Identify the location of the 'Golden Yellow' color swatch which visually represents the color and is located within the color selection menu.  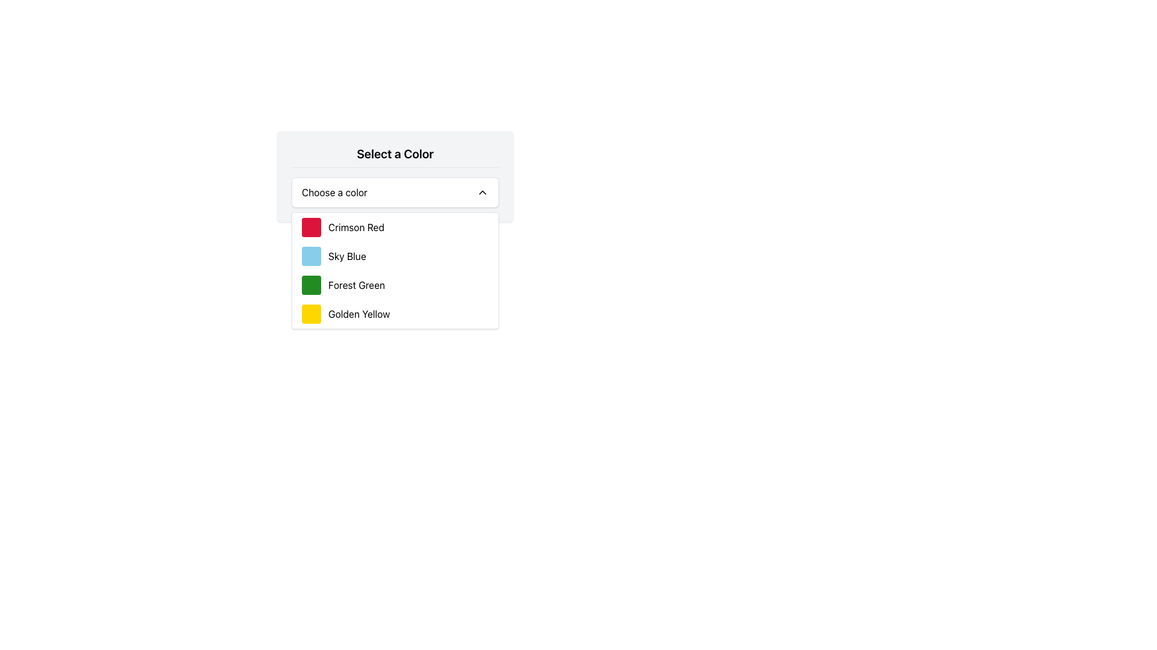
(312, 313).